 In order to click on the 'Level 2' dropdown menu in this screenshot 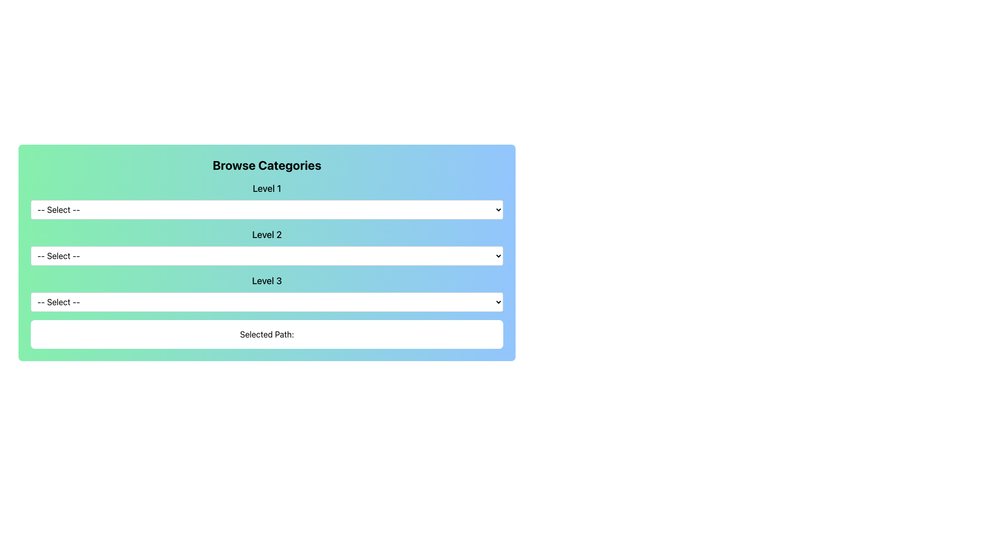, I will do `click(267, 247)`.